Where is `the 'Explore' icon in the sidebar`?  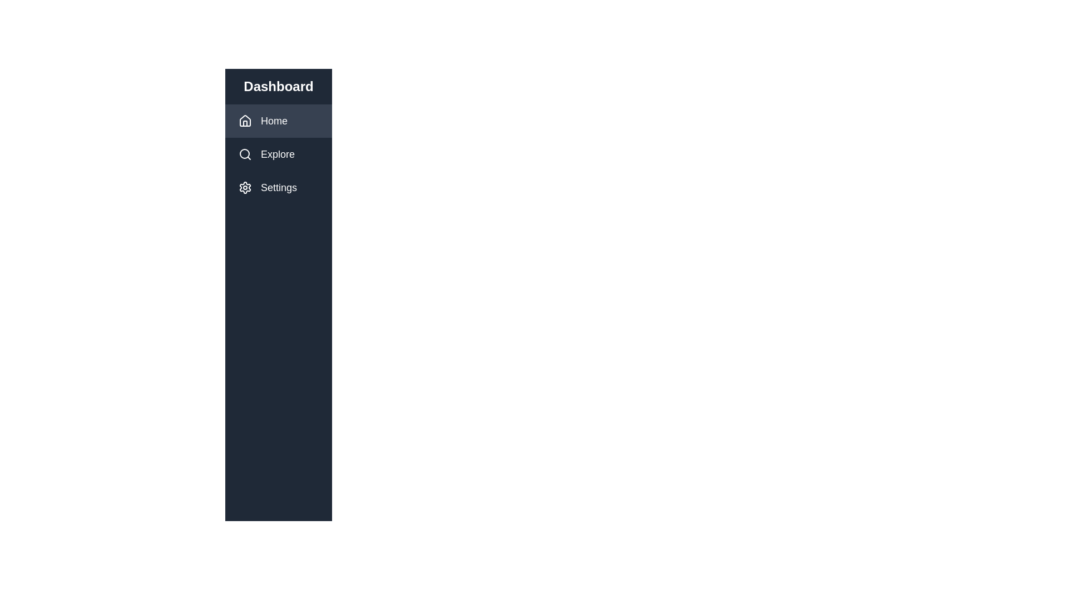
the 'Explore' icon in the sidebar is located at coordinates (245, 154).